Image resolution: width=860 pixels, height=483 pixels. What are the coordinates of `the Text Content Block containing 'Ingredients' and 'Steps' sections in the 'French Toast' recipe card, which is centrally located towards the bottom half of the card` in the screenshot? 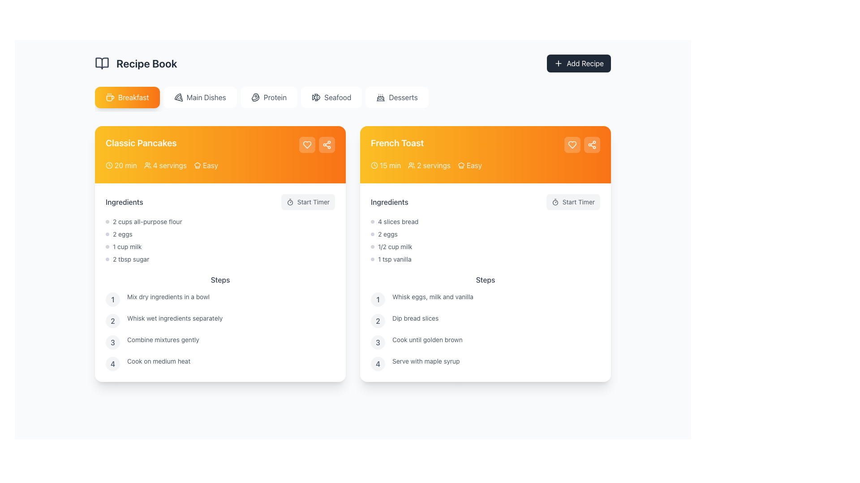 It's located at (485, 283).